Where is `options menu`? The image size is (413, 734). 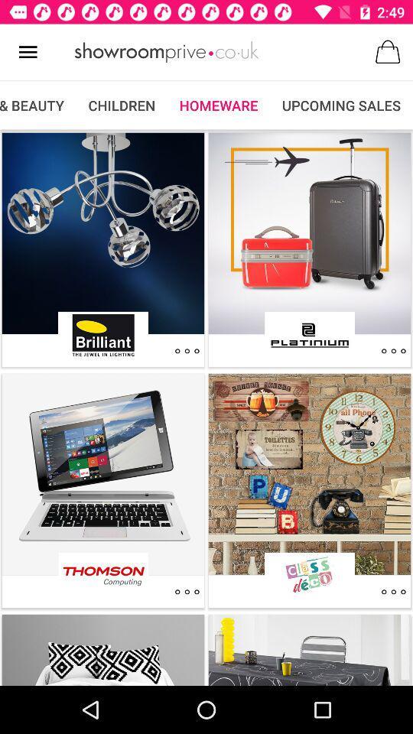
options menu is located at coordinates (393, 351).